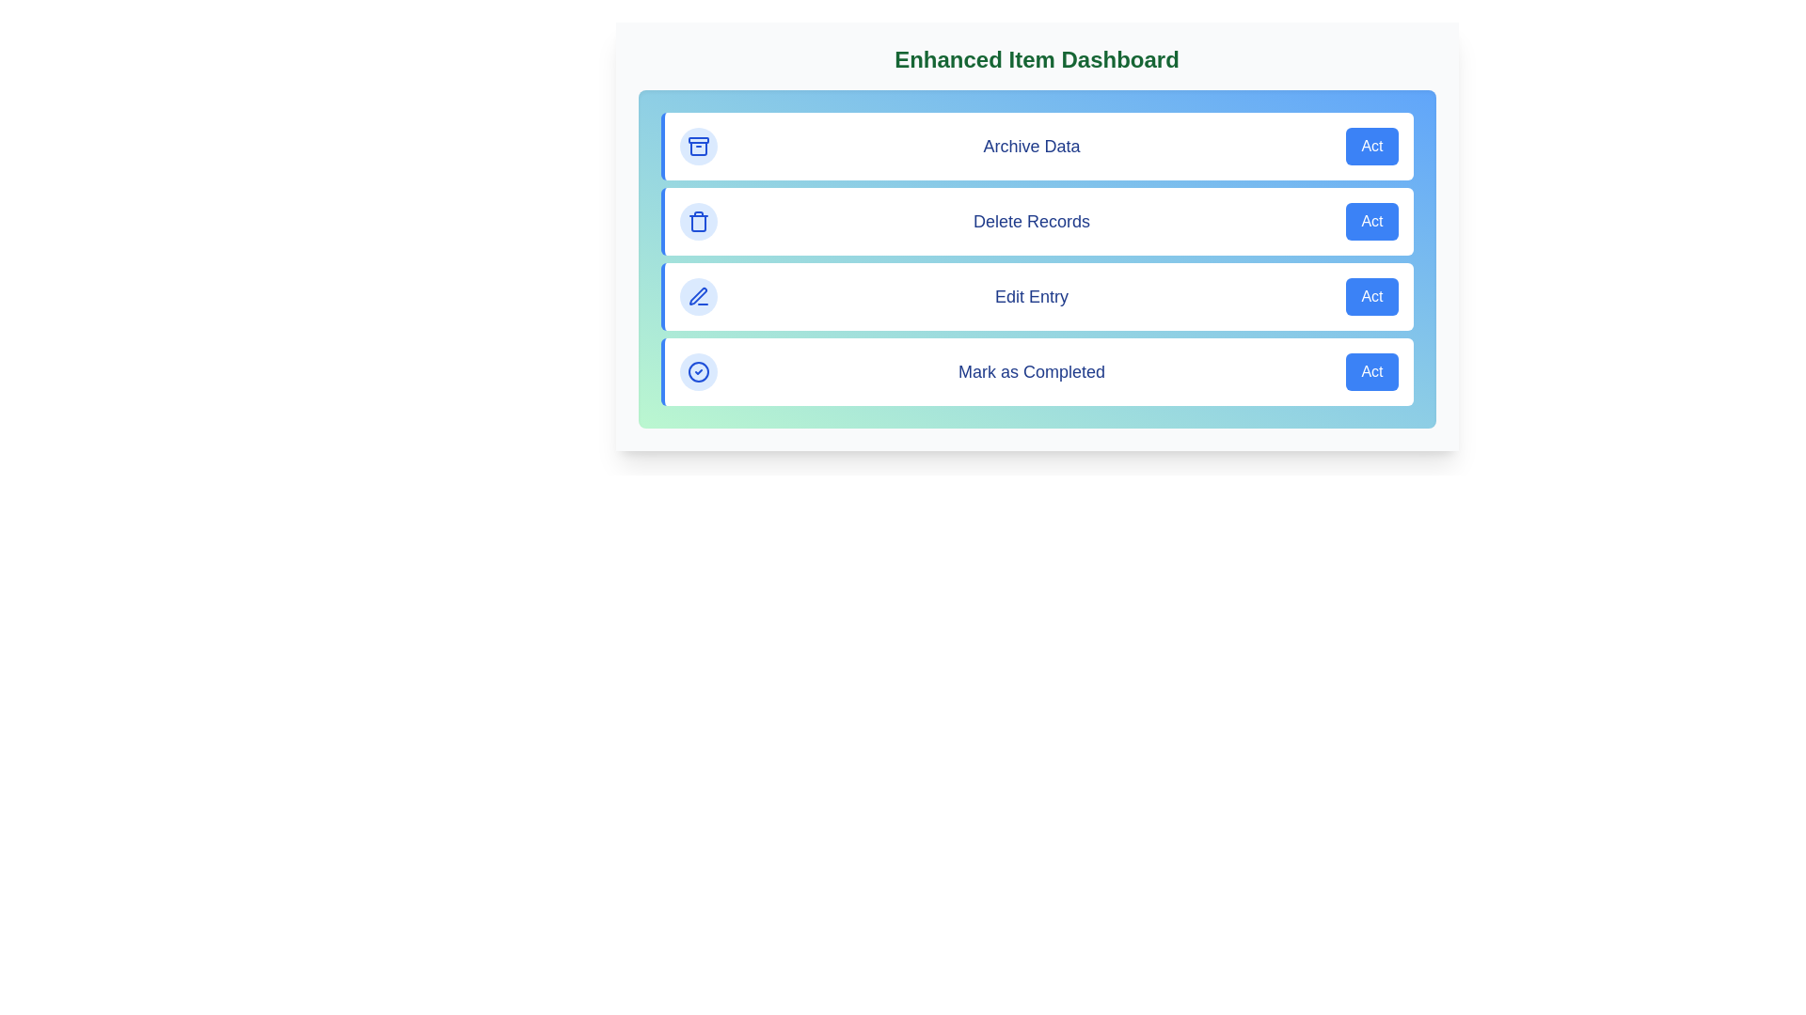  Describe the element at coordinates (1036, 145) in the screenshot. I see `the action item labeled 'Archive Data' to observe its hover effect` at that location.